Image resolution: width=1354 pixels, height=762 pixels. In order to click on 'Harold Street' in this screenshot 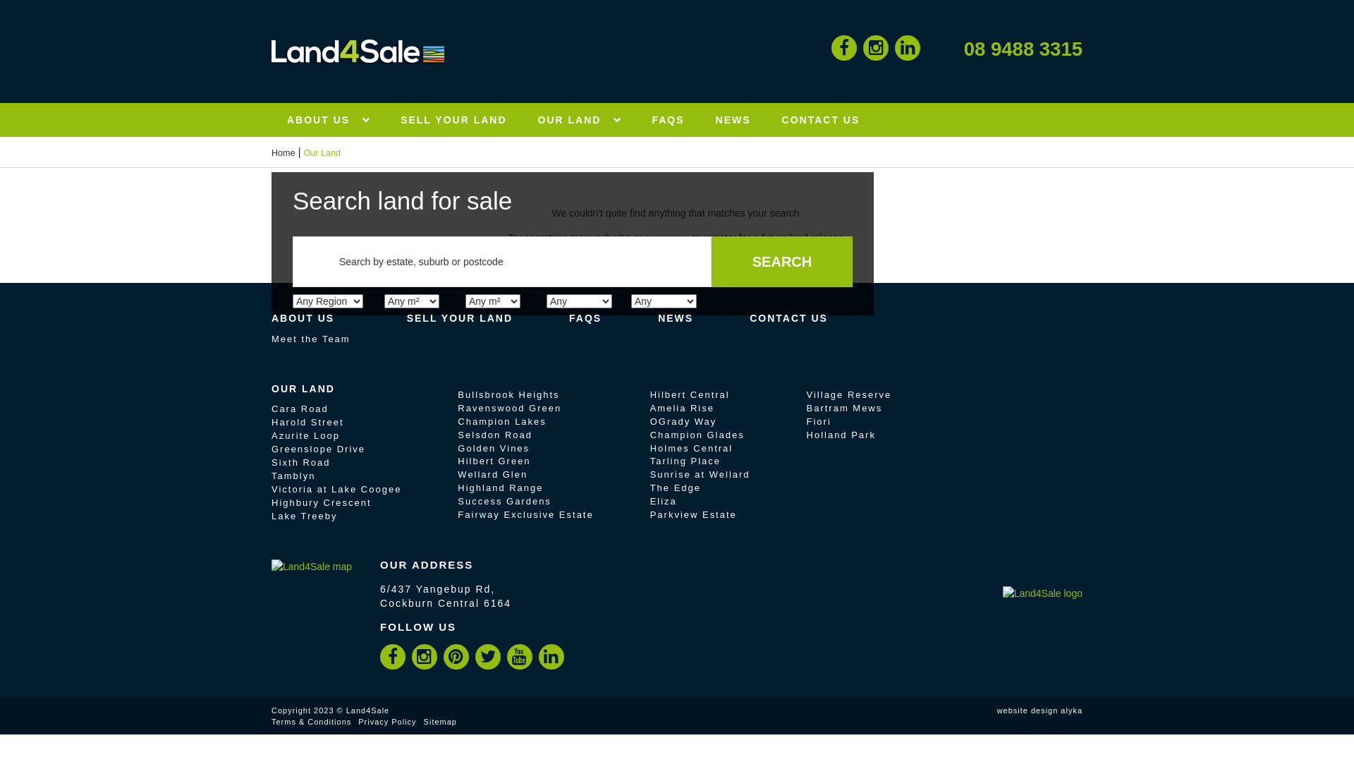, I will do `click(271, 421)`.